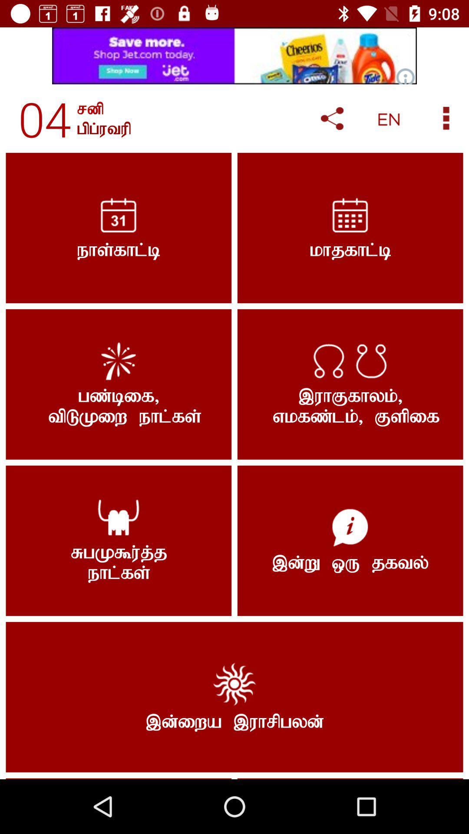 The image size is (469, 834). Describe the element at coordinates (446, 118) in the screenshot. I see `settings` at that location.